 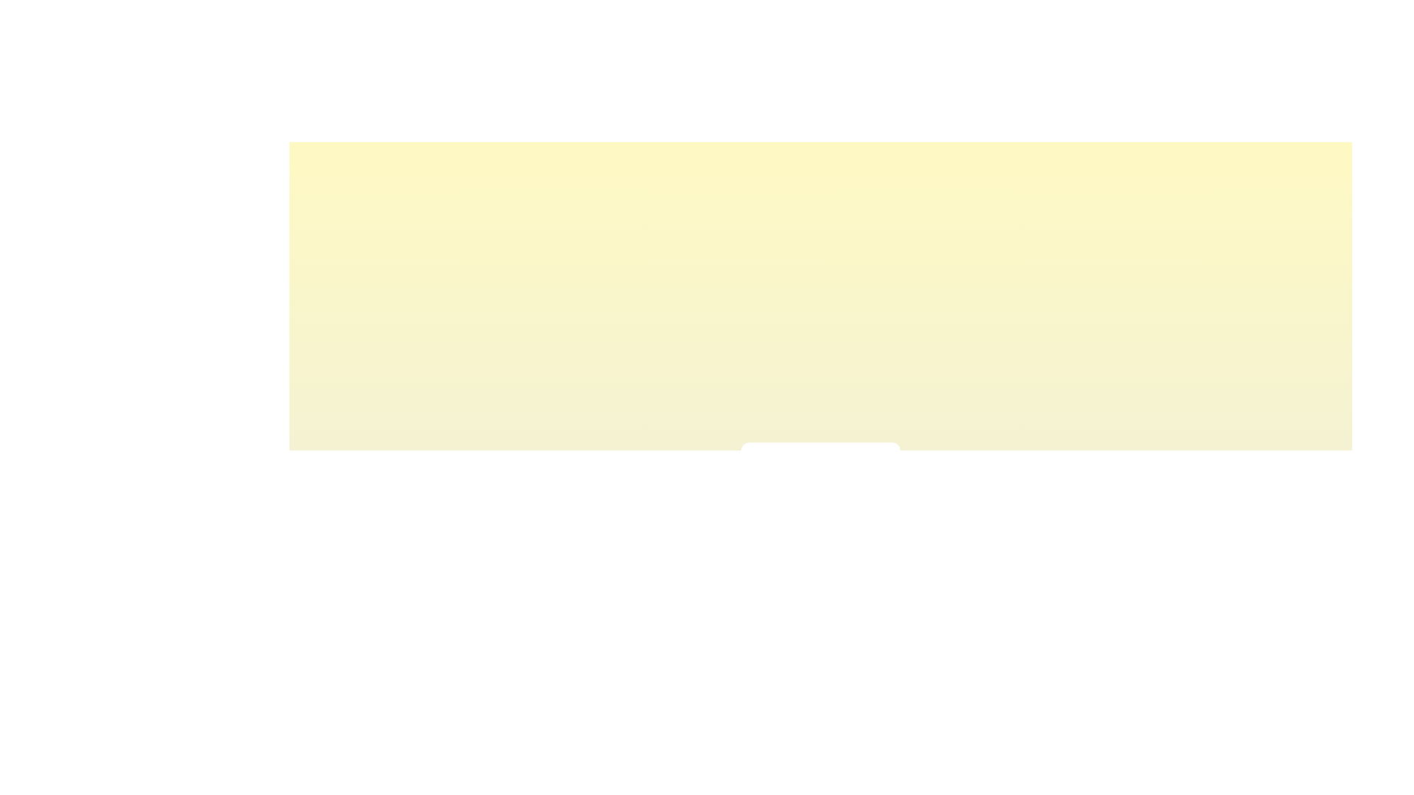 I want to click on the light intensity slider to 16% to observe the corresponding visual feedback color, so click(x=778, y=498).